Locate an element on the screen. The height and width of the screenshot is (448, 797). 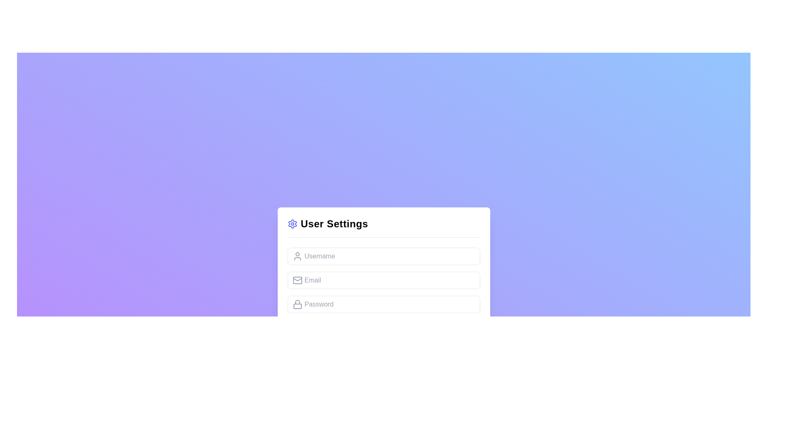
the settings icon located at the leftmost part of the 'User Settings' title to interact with it is located at coordinates (292, 223).